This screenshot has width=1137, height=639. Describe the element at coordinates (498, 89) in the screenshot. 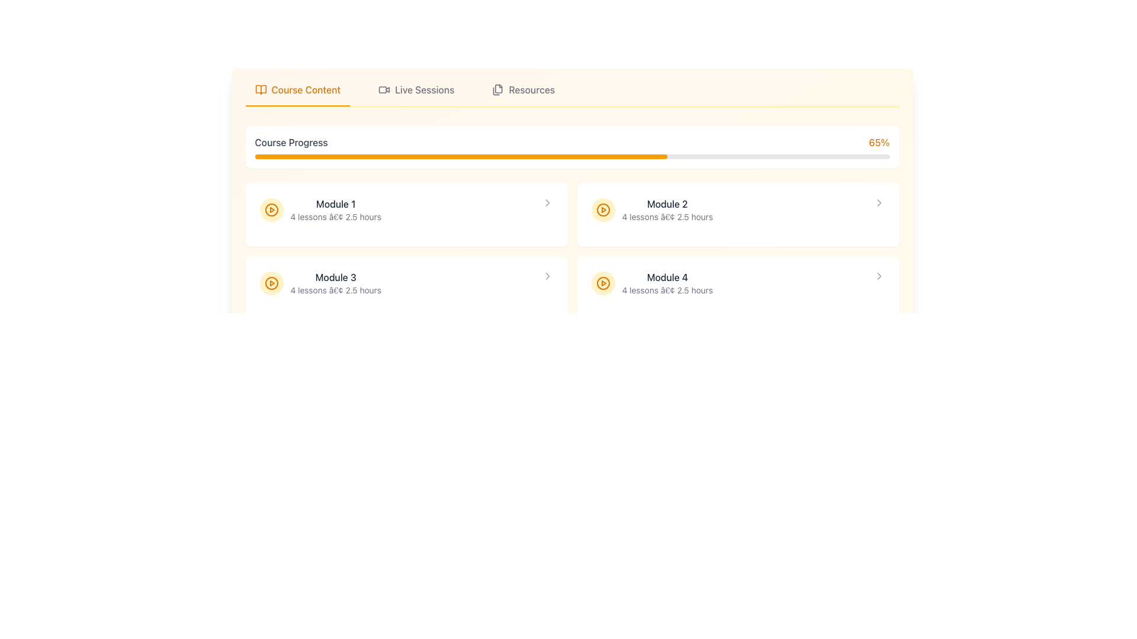

I see `the 'Resources' icon in the navigation menu` at that location.